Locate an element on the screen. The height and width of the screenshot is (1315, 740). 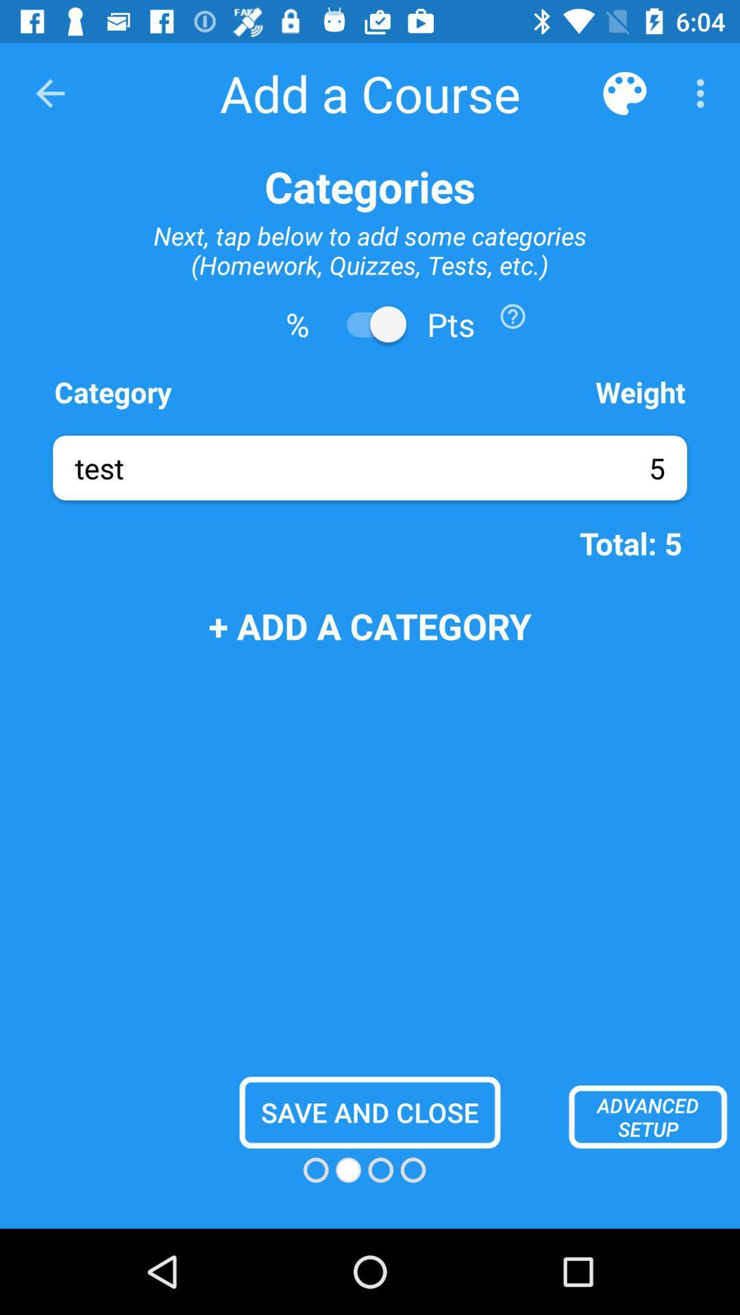
help is located at coordinates (513, 315).